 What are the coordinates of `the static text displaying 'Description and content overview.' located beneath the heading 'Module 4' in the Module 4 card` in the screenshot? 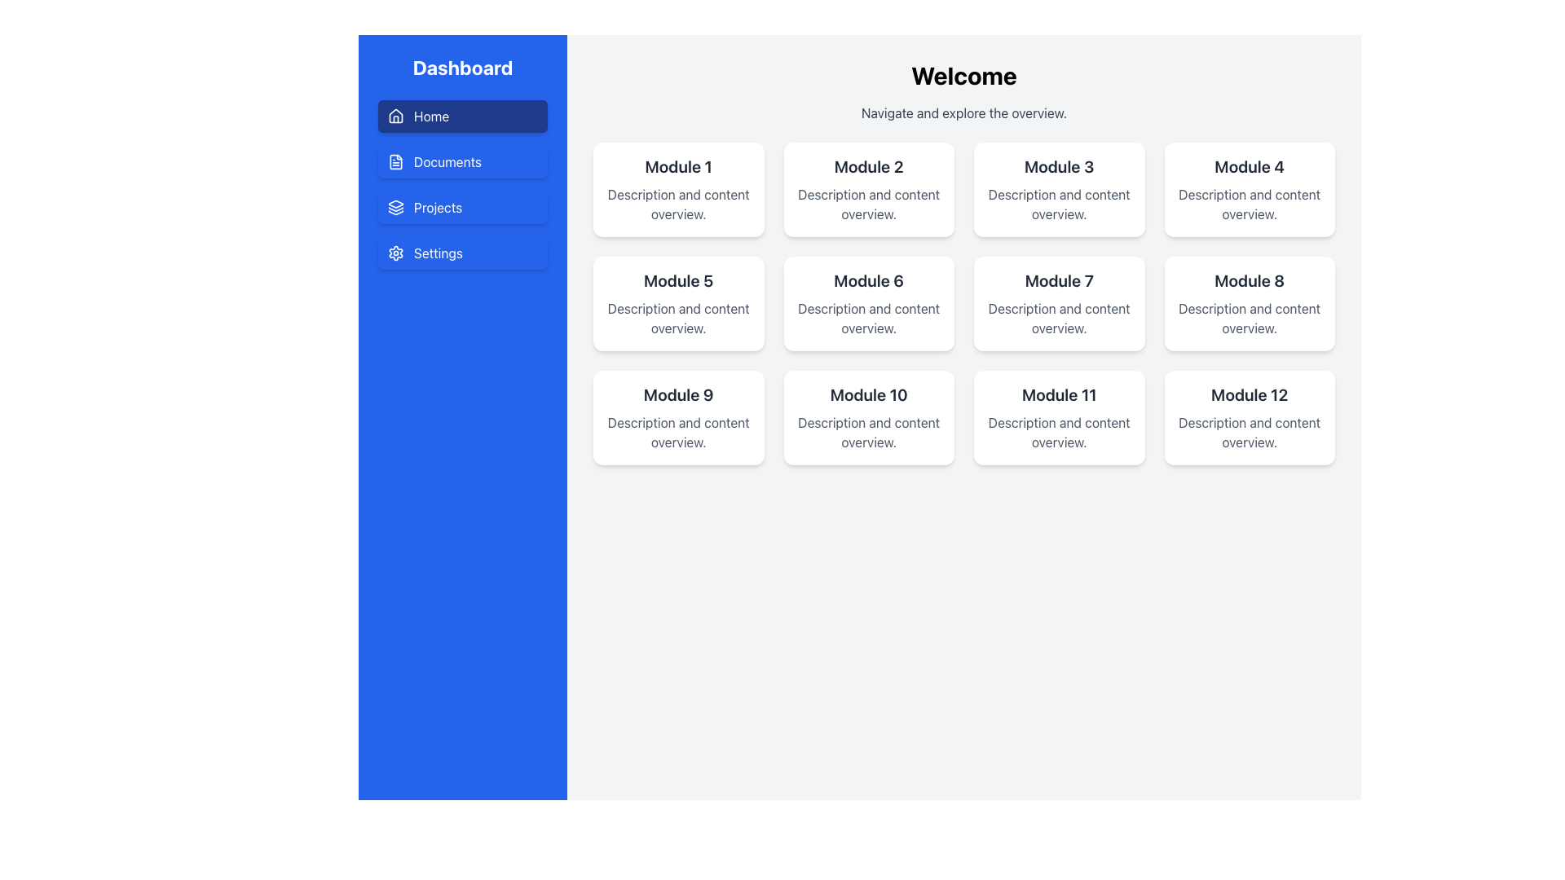 It's located at (1249, 203).